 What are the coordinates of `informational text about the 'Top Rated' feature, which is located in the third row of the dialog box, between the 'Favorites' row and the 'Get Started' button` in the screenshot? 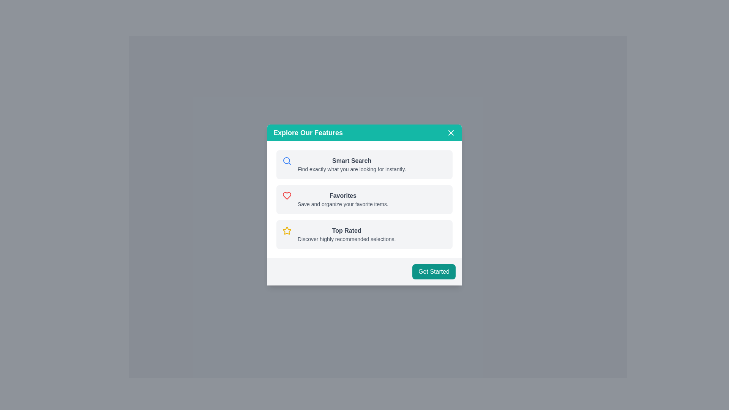 It's located at (346, 234).